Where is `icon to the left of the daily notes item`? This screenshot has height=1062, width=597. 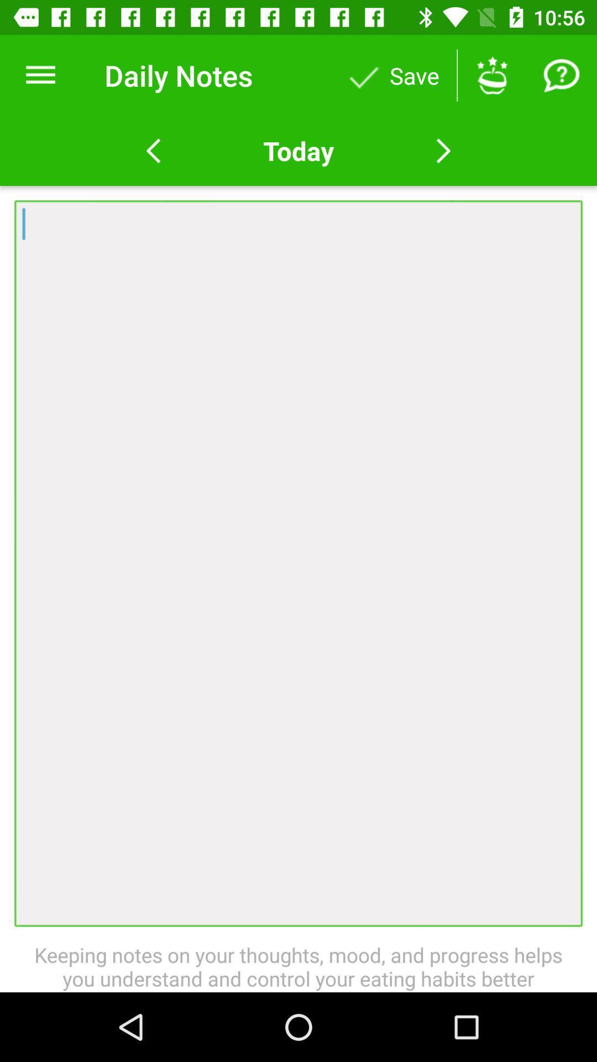 icon to the left of the daily notes item is located at coordinates (40, 75).